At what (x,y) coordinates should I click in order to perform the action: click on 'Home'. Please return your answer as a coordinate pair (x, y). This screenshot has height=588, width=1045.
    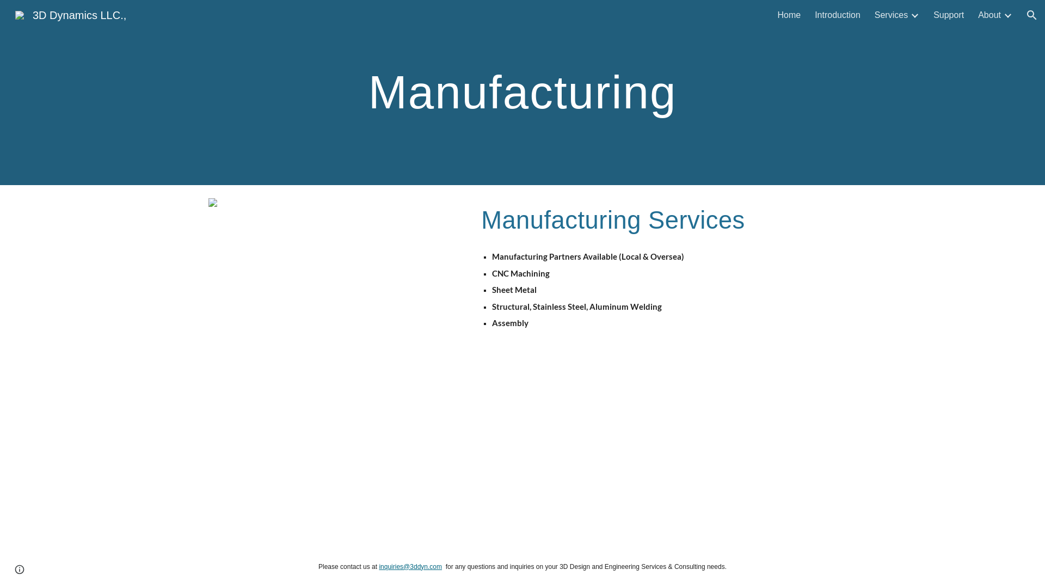
    Looking at the image, I should click on (777, 15).